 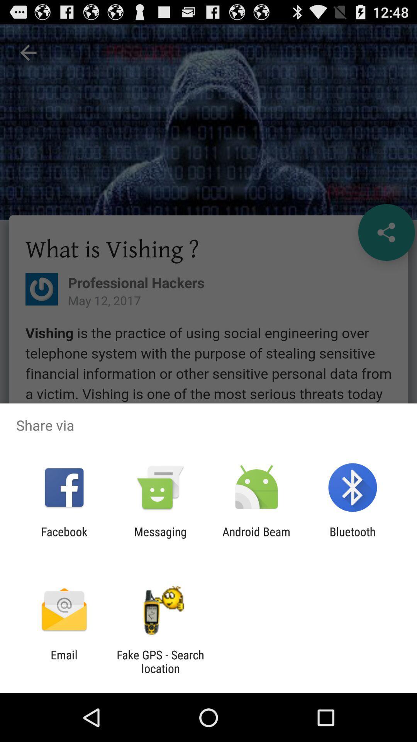 I want to click on icon next to fake gps search app, so click(x=64, y=661).